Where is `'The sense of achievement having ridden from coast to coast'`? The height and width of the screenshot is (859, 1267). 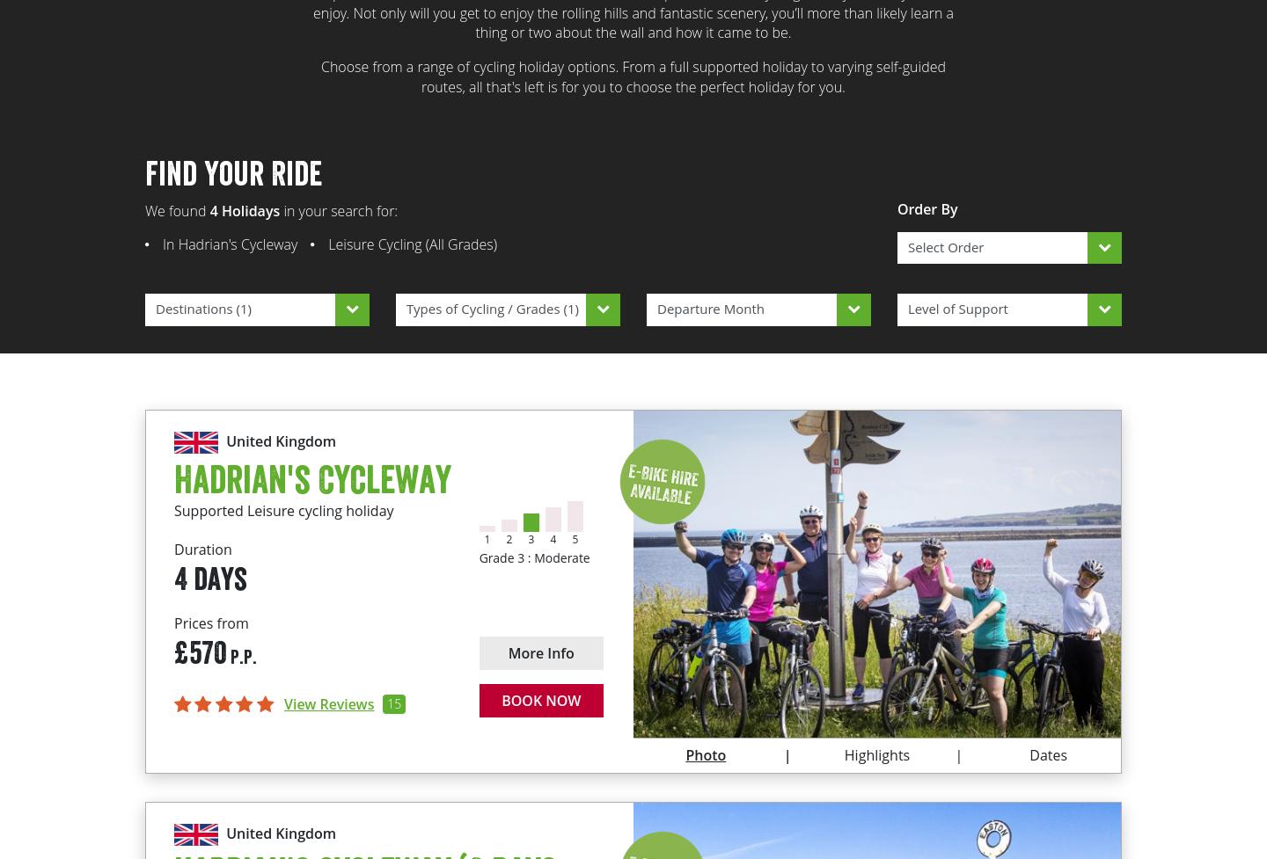 'The sense of achievement having ridden from coast to coast' is located at coordinates (668, 630).